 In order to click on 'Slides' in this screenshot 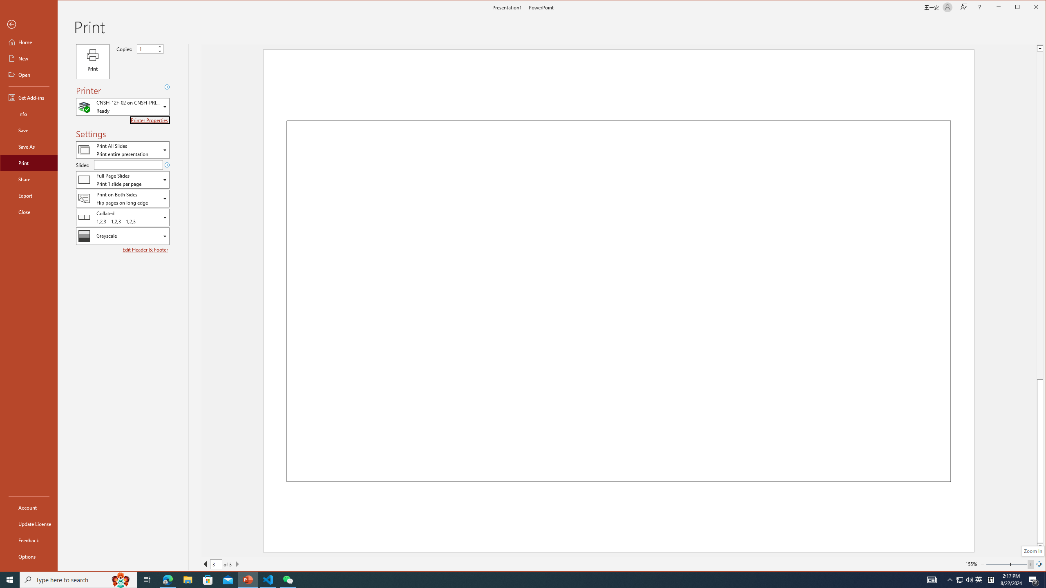, I will do `click(128, 164)`.